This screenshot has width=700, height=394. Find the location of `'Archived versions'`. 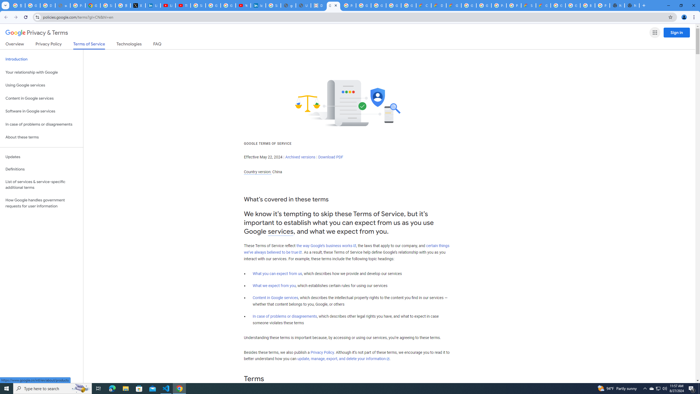

'Archived versions' is located at coordinates (300, 157).